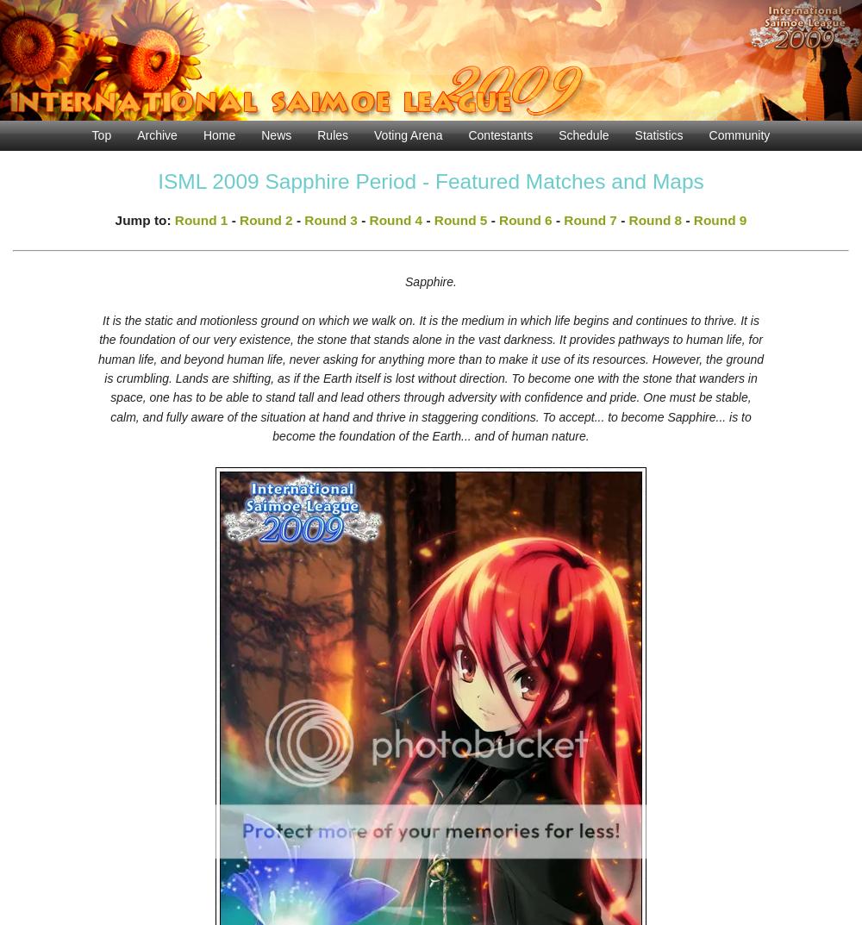 The height and width of the screenshot is (925, 862). Describe the element at coordinates (100, 134) in the screenshot. I see `'Top'` at that location.